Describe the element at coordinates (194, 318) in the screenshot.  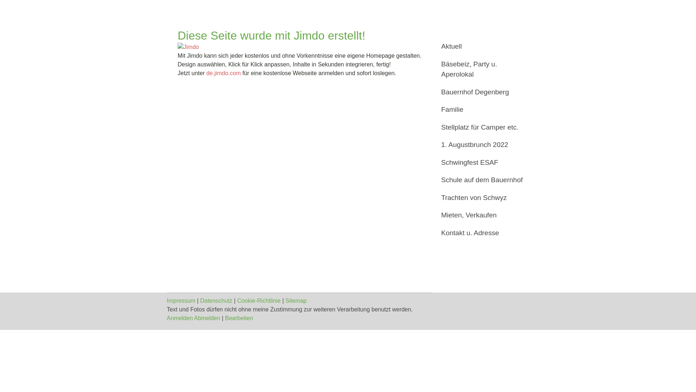
I see `'Abmelden'` at that location.